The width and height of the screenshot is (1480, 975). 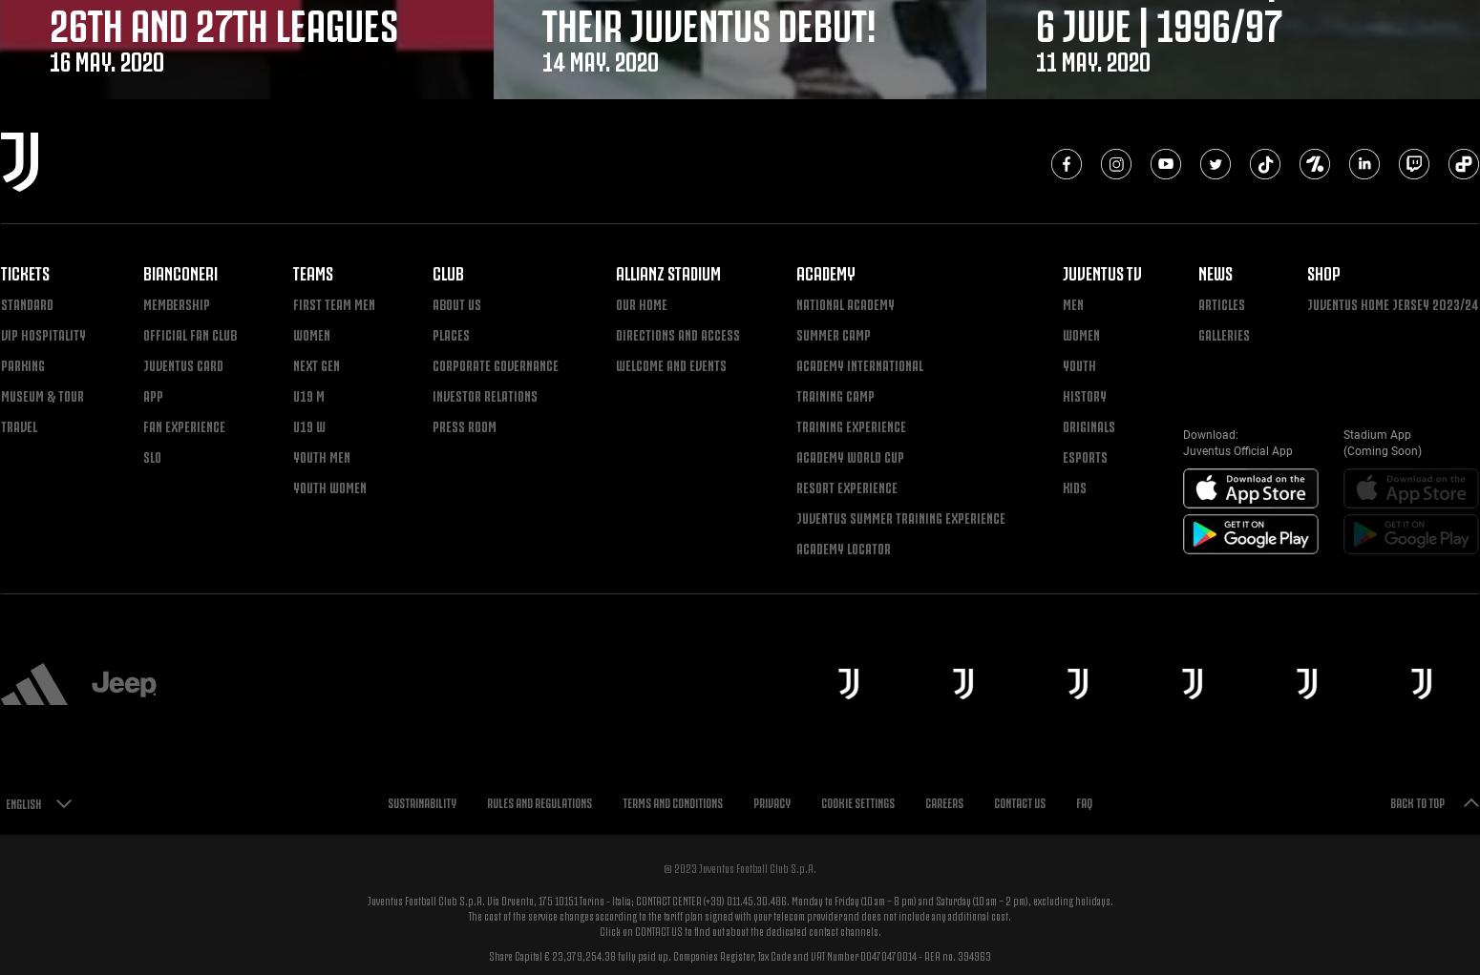 What do you see at coordinates (1382, 448) in the screenshot?
I see `'(Coming Soon)'` at bounding box center [1382, 448].